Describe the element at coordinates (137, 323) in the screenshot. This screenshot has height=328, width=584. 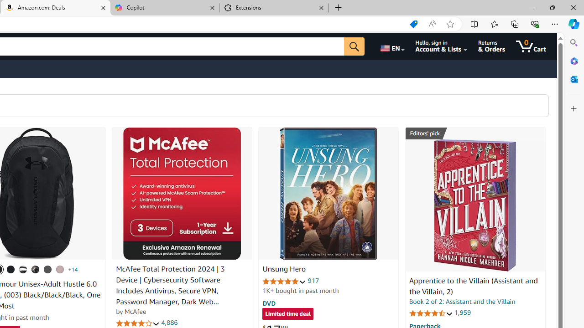
I see `'4.1 out of 5 stars'` at that location.